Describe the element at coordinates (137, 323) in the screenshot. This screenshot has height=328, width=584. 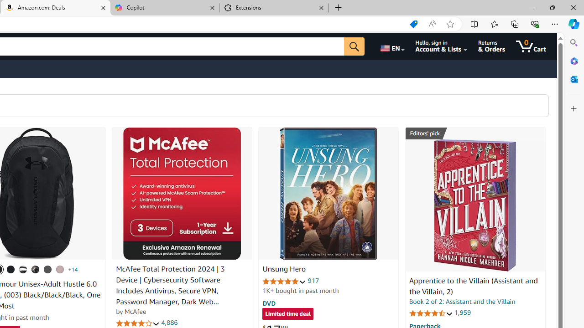
I see `'4.1 out of 5 stars'` at that location.